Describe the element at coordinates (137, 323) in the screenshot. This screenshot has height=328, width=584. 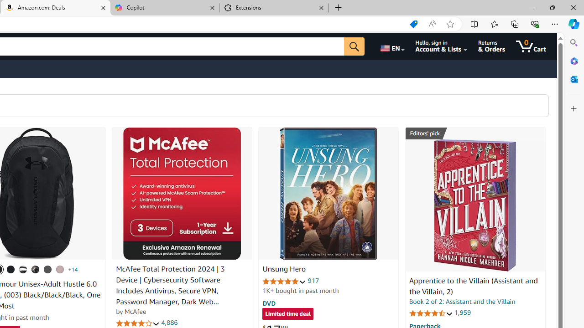
I see `'4.1 out of 5 stars'` at that location.